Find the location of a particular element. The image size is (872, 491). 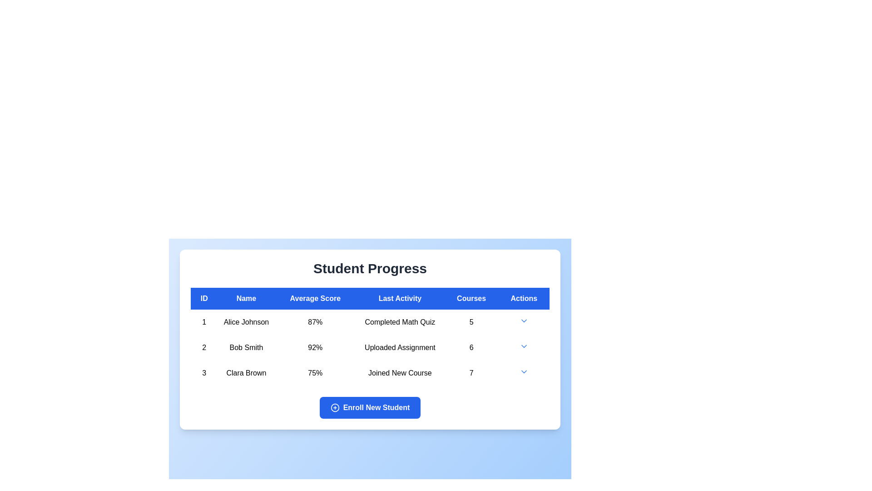

the second row in the 'Student Progress' section of the table, which contains the data '2', 'Bob Smith', '92%', 'Uploaded Assignment', and '6' is located at coordinates (370, 347).